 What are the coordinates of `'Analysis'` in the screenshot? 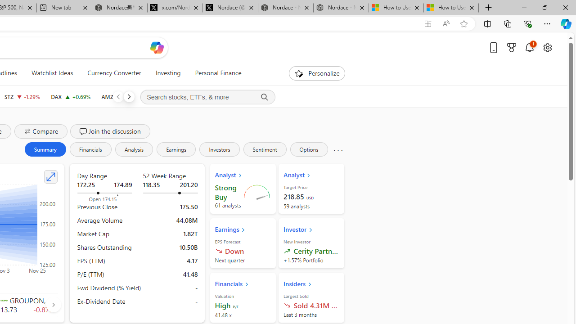 It's located at (133, 148).